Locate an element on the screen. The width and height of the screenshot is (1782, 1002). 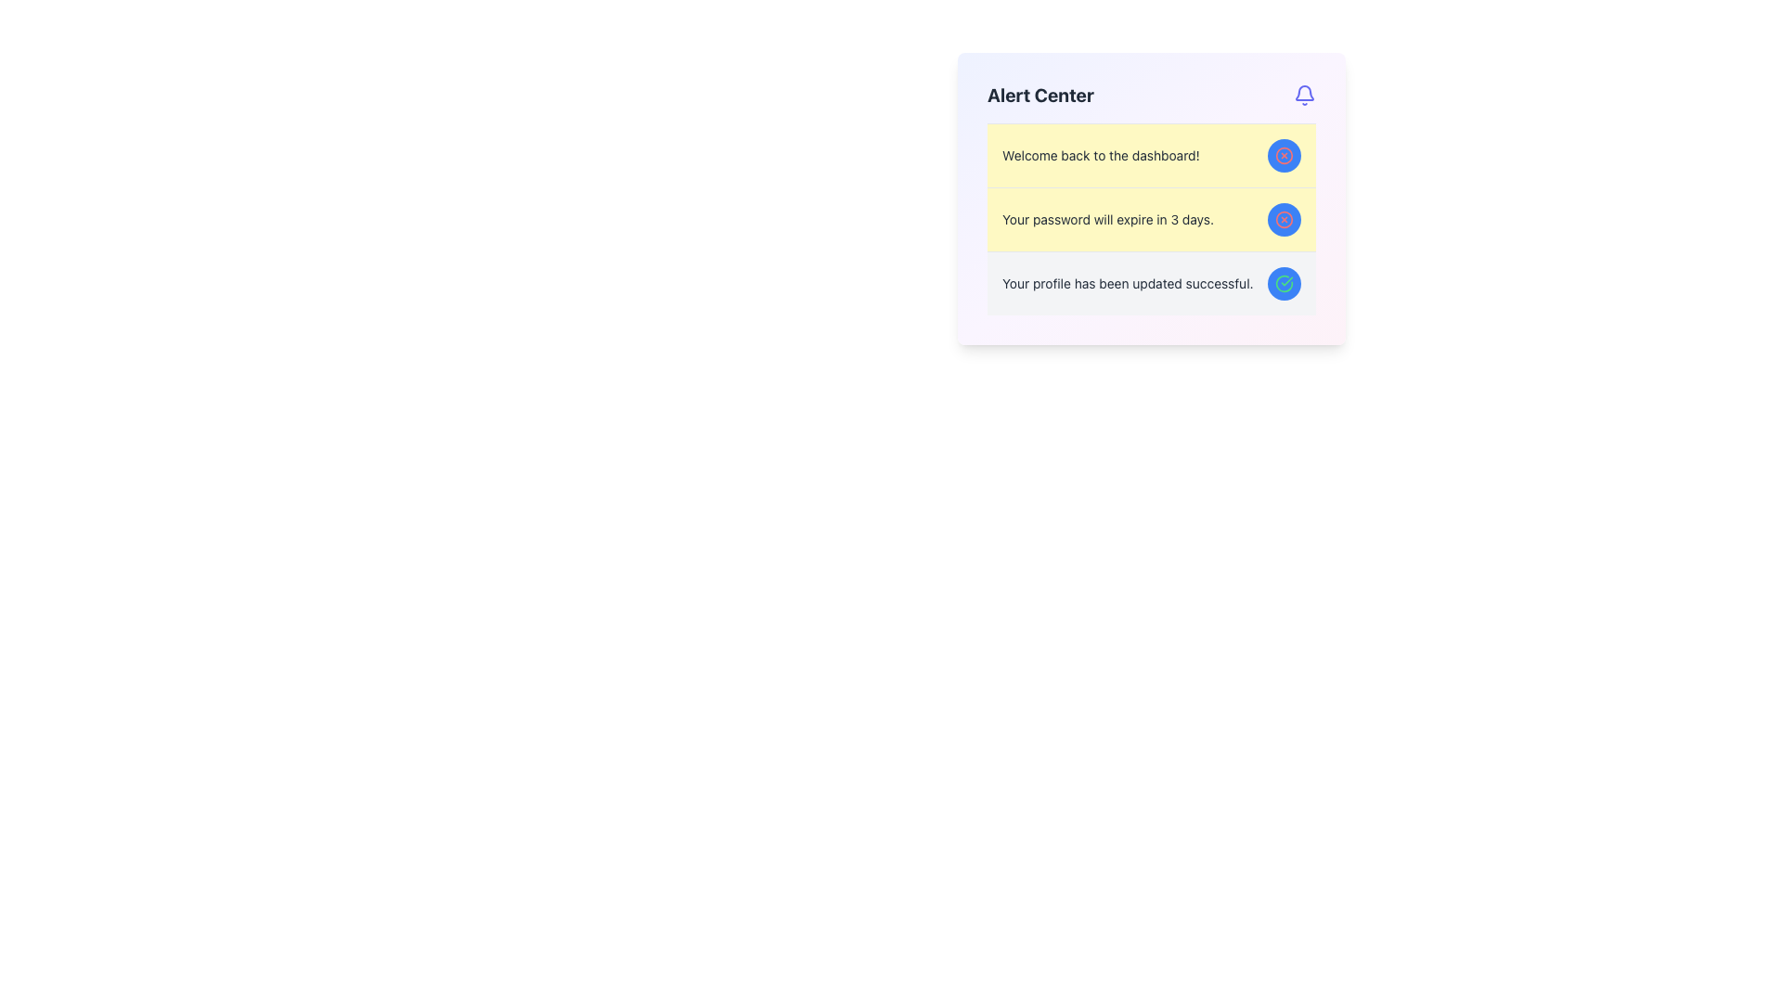
the bell-shaped icon located at the right top corner of the notification panel, which represents notifications or alerts is located at coordinates (1304, 93).